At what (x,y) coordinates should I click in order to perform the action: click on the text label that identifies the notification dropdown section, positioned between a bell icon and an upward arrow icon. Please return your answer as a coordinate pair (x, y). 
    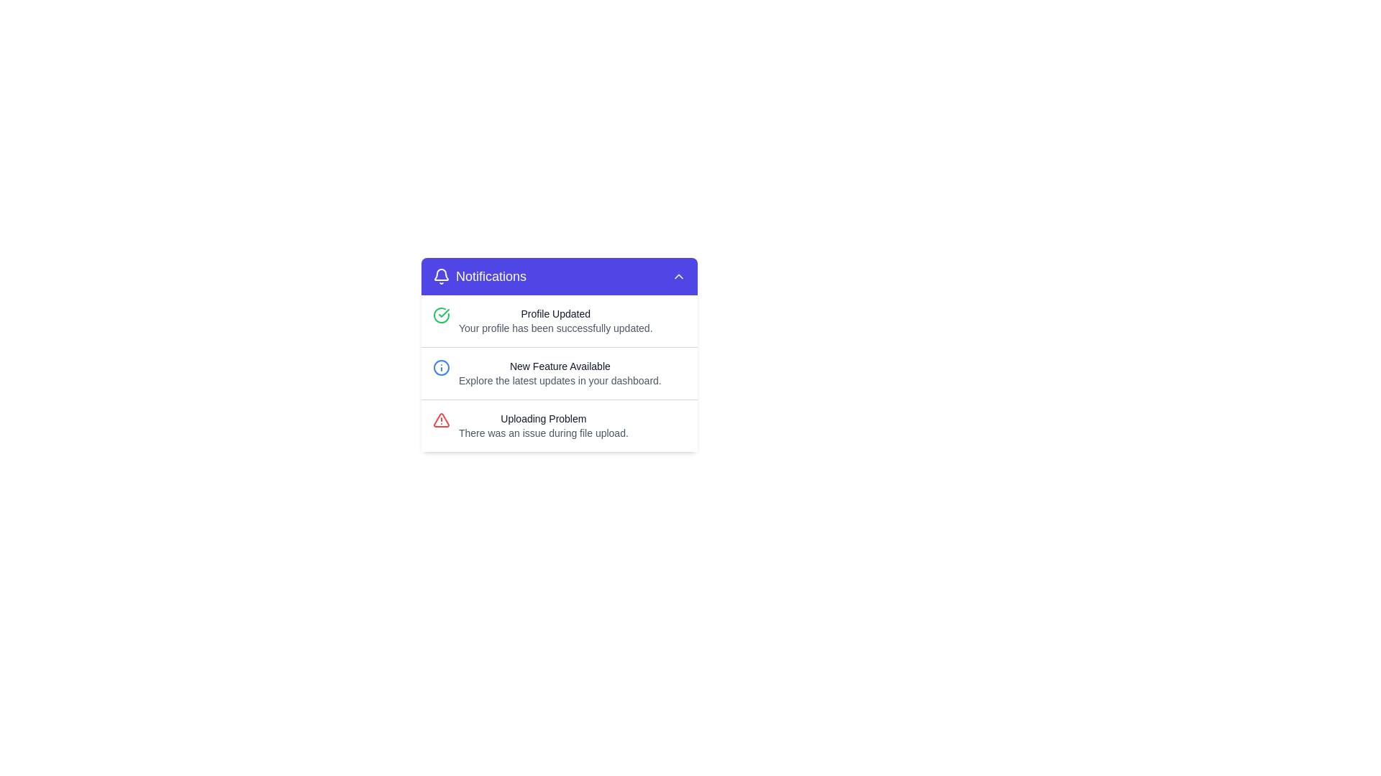
    Looking at the image, I should click on (491, 277).